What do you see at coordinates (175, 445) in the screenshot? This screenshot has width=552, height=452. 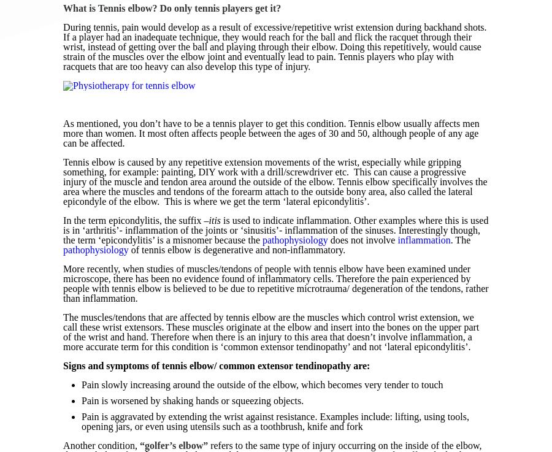 I see `'golfer’s elbow”'` at bounding box center [175, 445].